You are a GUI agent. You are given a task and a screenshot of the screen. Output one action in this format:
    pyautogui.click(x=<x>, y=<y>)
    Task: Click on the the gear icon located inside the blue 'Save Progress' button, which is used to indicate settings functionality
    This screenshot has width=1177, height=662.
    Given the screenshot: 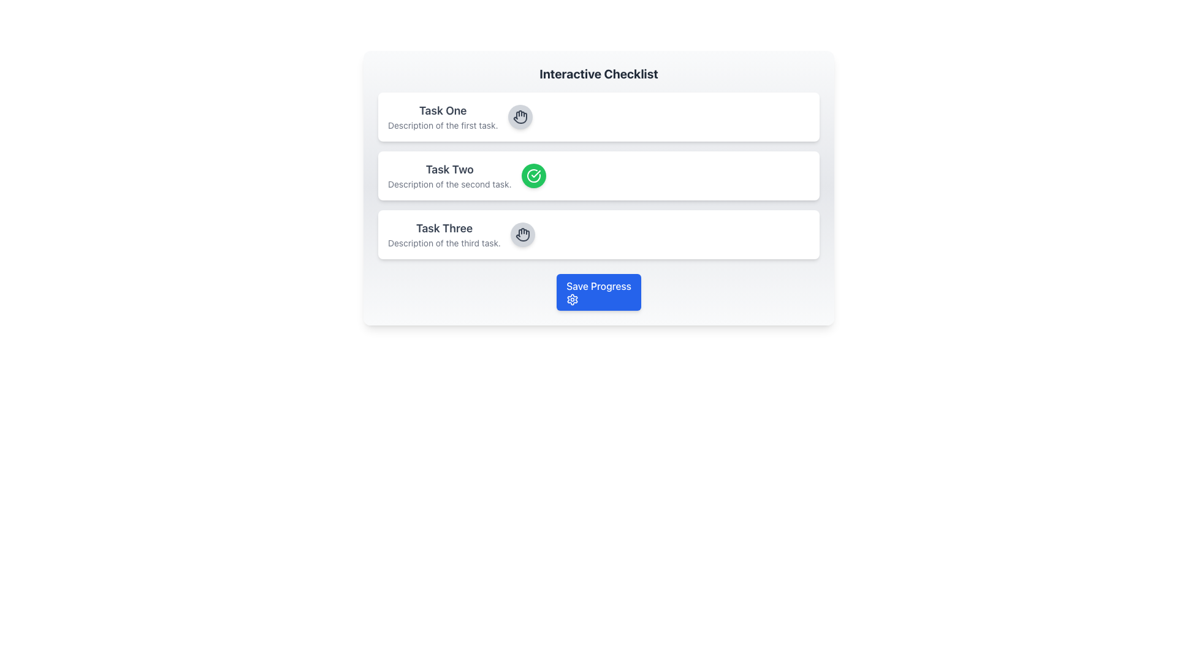 What is the action you would take?
    pyautogui.click(x=572, y=300)
    